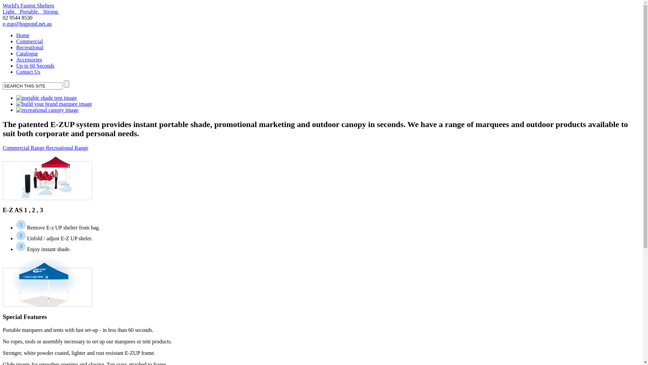  I want to click on 'Commercial', so click(29, 41).